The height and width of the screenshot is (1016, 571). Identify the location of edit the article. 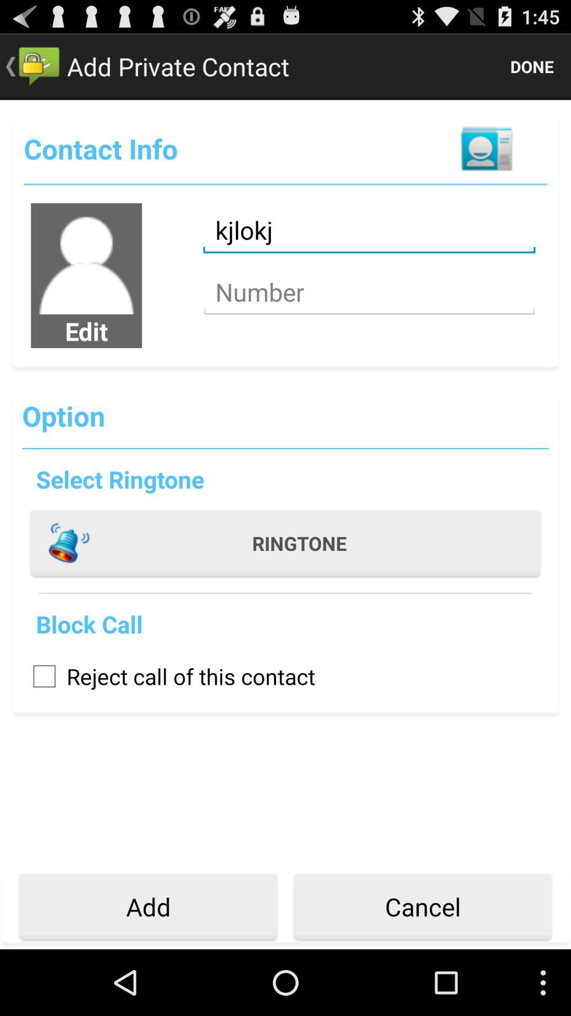
(86, 259).